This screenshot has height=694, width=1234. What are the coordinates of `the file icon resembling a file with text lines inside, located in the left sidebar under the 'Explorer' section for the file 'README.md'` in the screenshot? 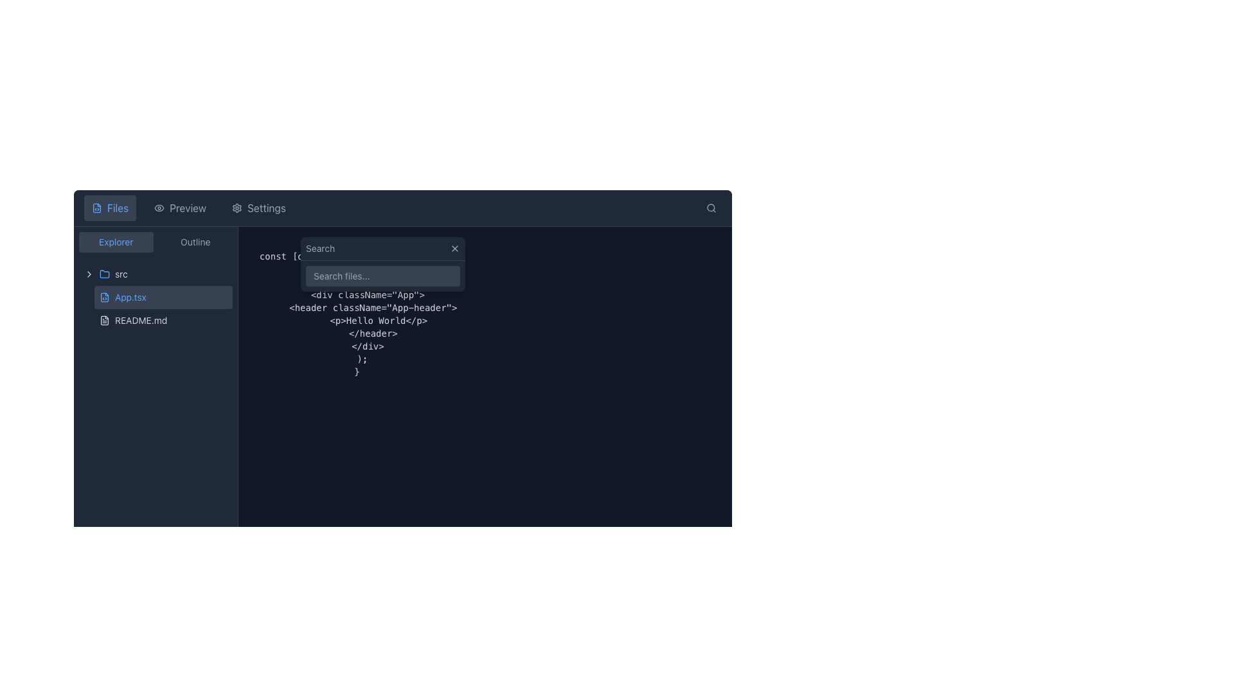 It's located at (105, 319).